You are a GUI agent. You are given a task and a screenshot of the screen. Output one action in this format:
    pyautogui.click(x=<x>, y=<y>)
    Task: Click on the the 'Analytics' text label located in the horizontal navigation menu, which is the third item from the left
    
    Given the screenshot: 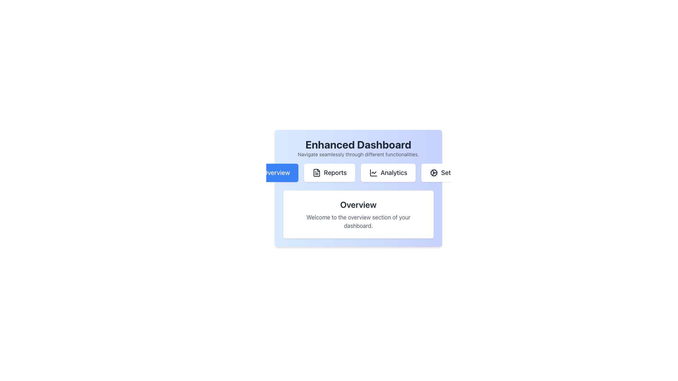 What is the action you would take?
    pyautogui.click(x=393, y=173)
    